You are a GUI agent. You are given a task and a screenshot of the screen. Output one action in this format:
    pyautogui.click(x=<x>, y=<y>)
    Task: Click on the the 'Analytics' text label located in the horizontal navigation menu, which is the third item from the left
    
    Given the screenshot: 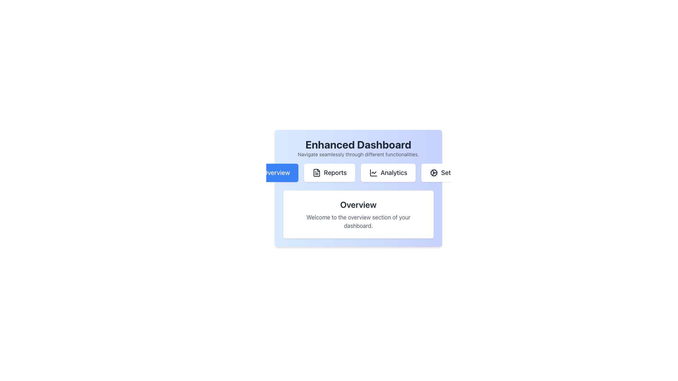 What is the action you would take?
    pyautogui.click(x=393, y=173)
    